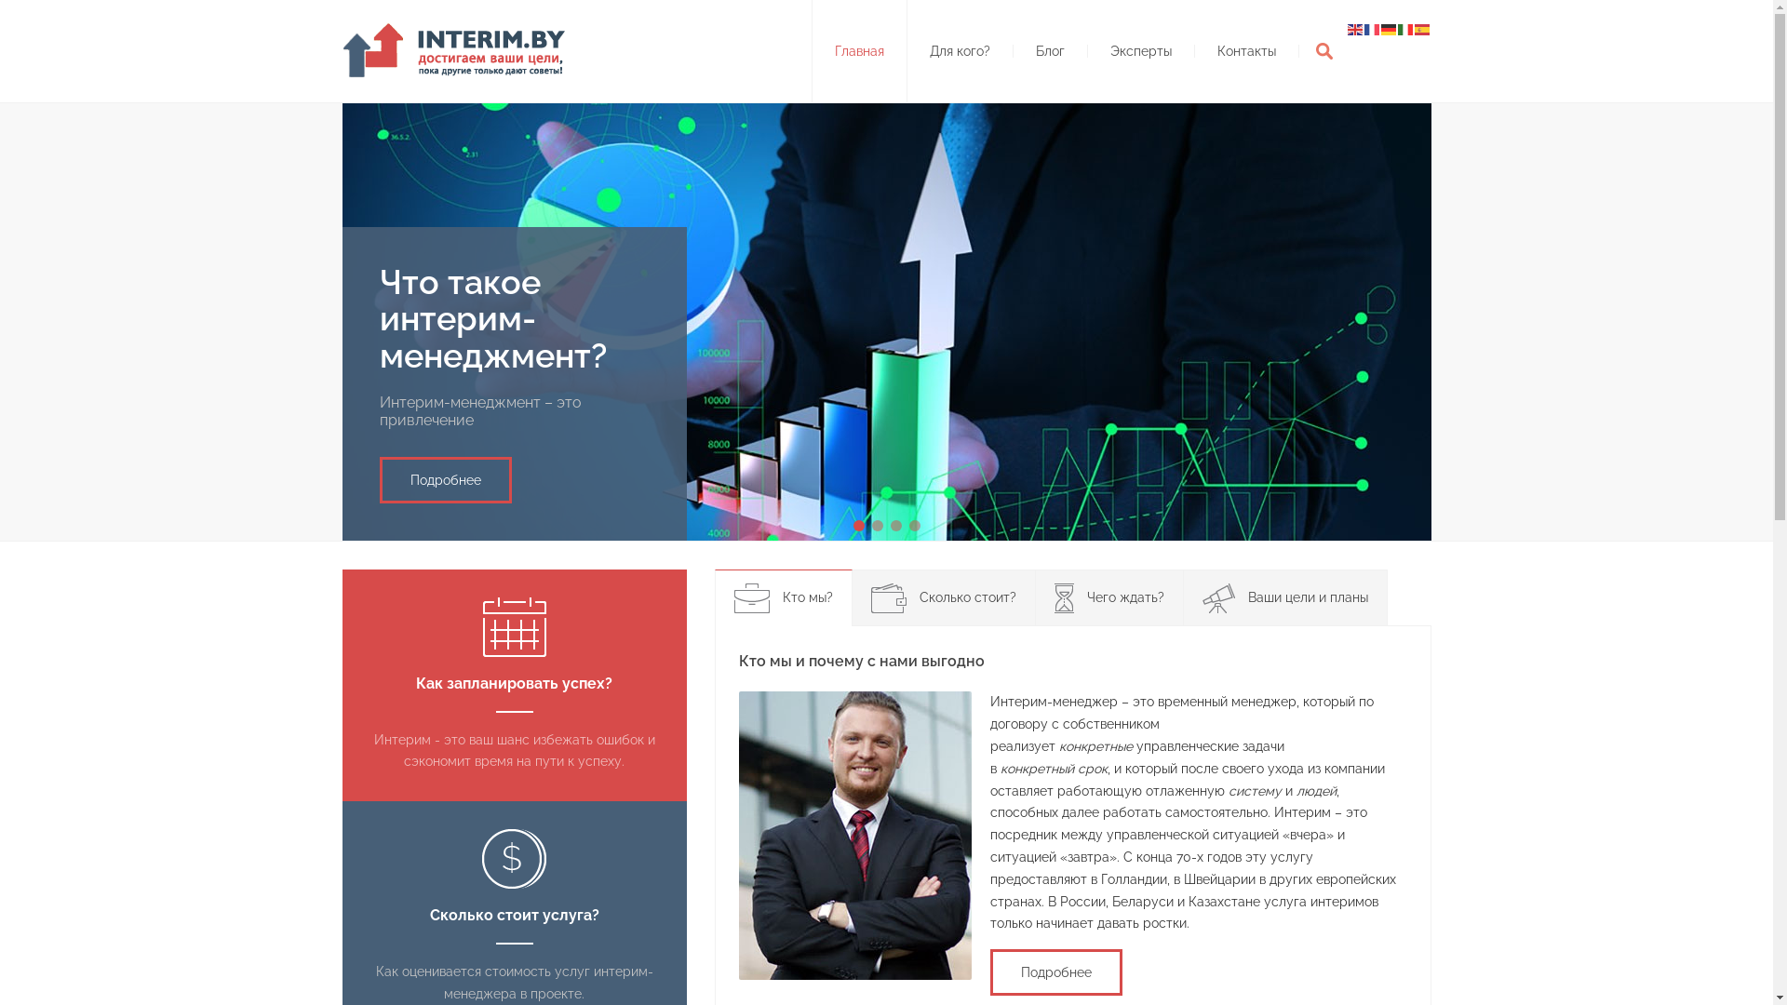 This screenshot has height=1005, width=1787. Describe the element at coordinates (1372, 28) in the screenshot. I see `'French'` at that location.